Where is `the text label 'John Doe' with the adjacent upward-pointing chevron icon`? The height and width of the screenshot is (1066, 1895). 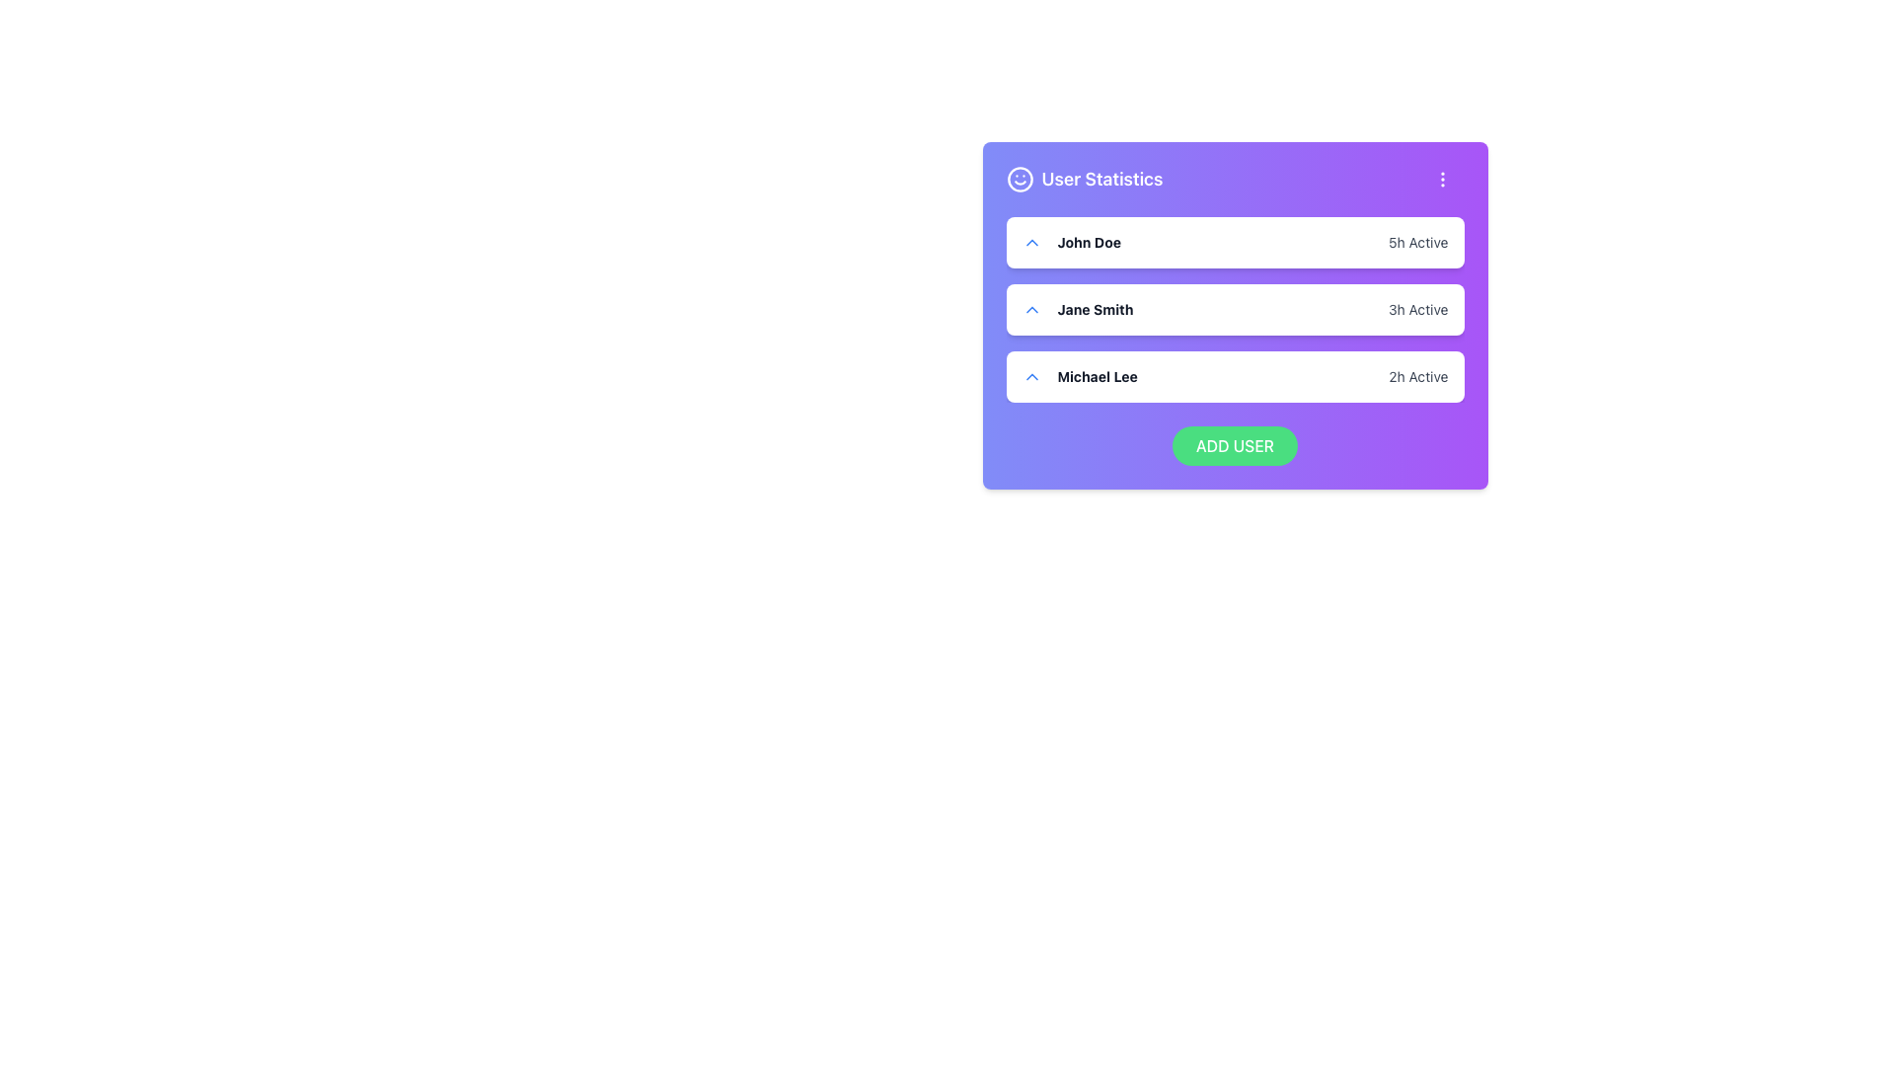
the text label 'John Doe' with the adjacent upward-pointing chevron icon is located at coordinates (1070, 242).